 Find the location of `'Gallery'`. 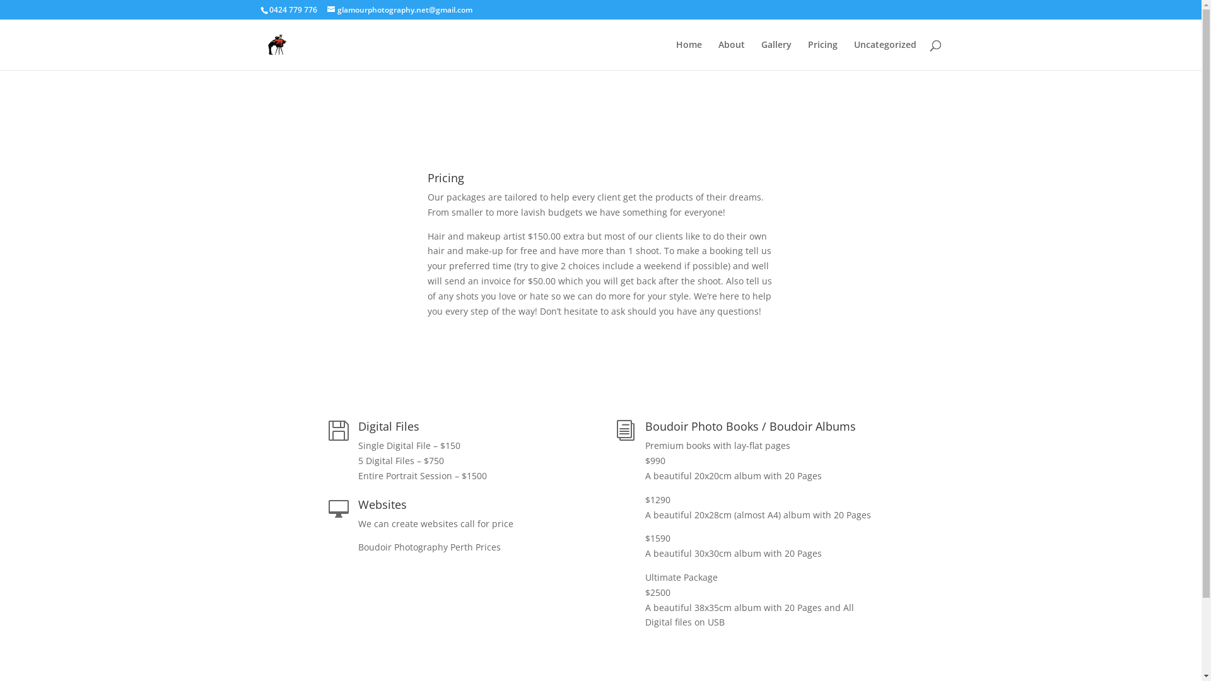

'Gallery' is located at coordinates (775, 54).